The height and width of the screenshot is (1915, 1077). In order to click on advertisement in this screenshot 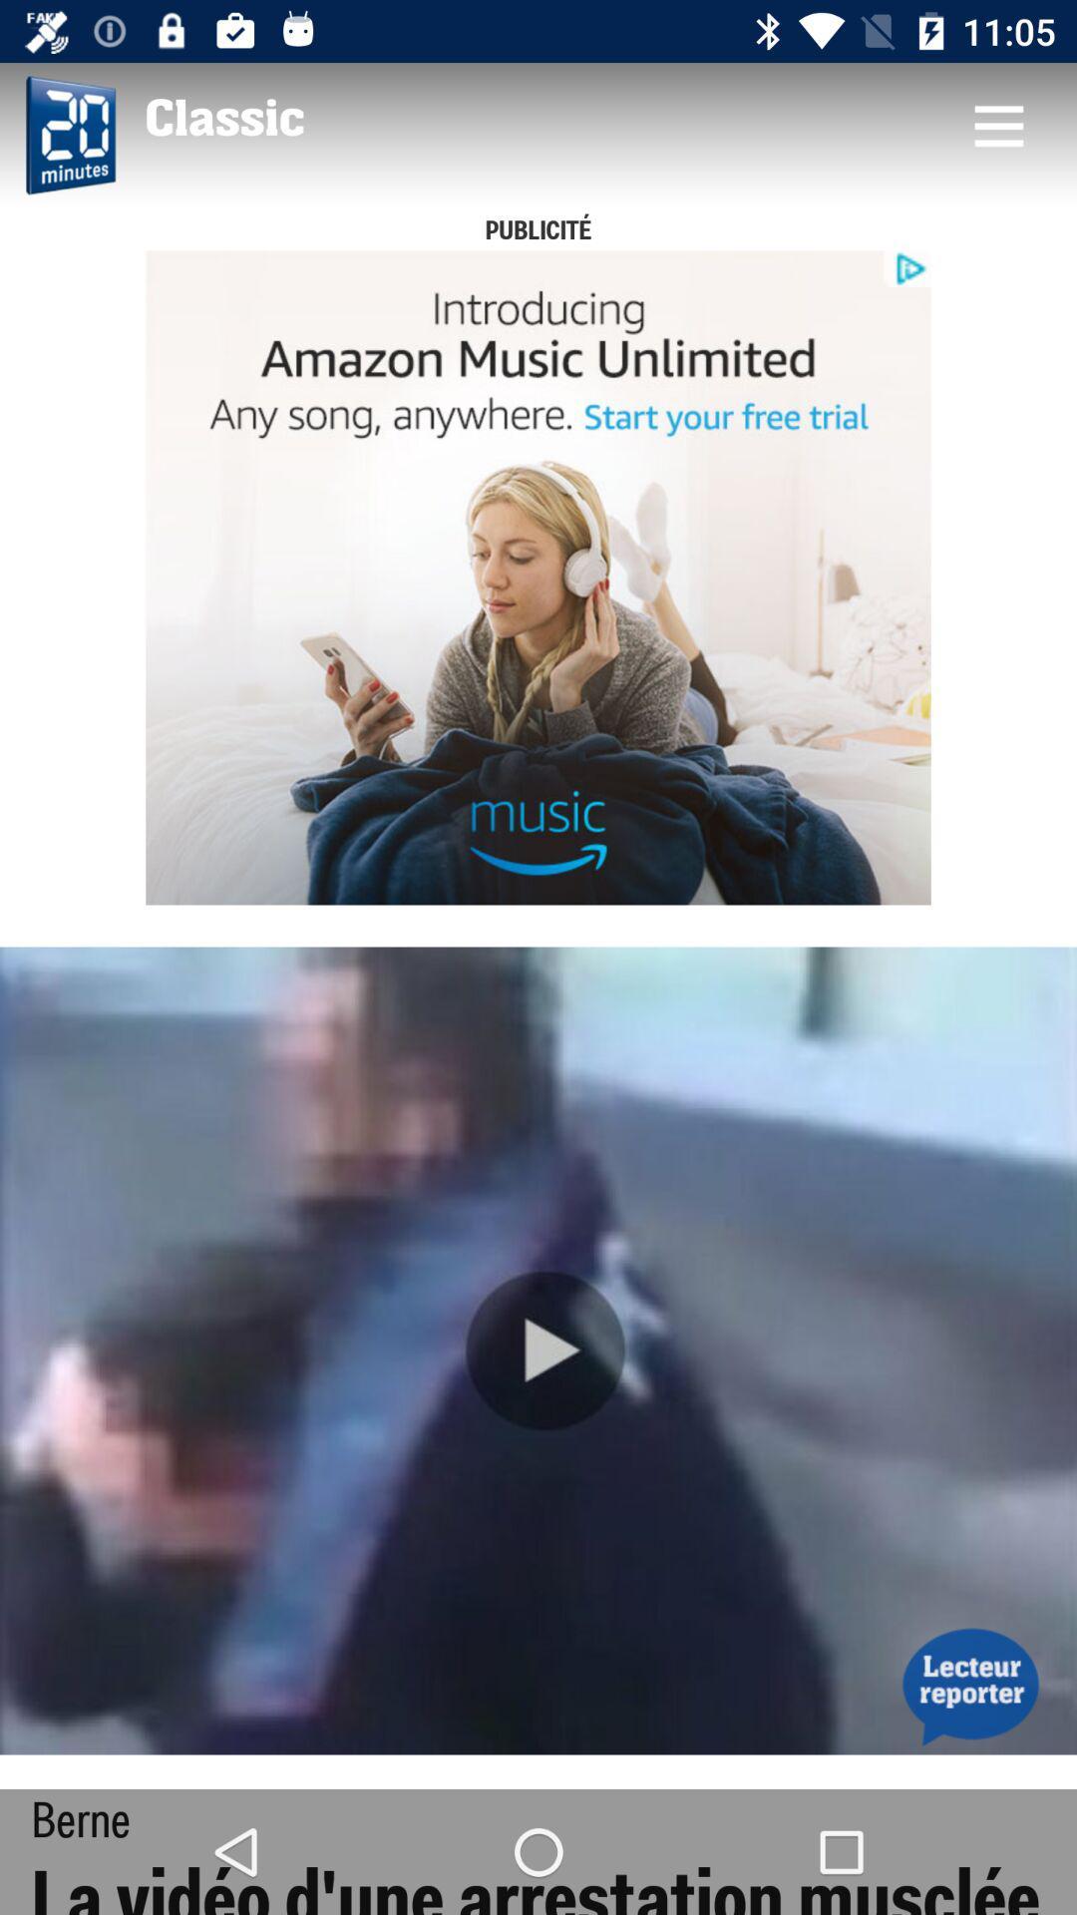, I will do `click(538, 576)`.